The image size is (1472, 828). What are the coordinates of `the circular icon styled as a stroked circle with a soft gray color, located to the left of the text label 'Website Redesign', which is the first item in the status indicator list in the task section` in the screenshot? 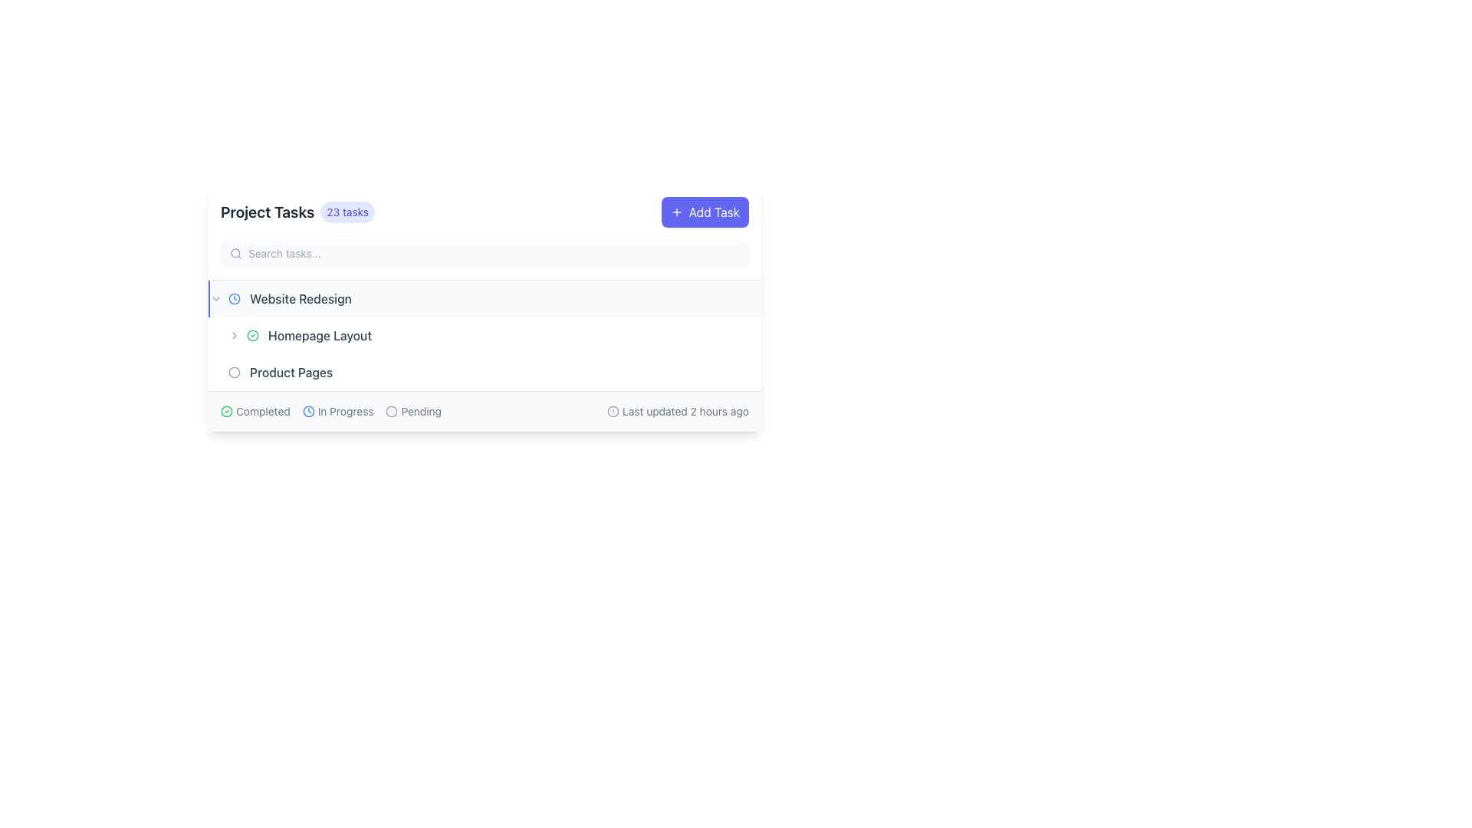 It's located at (392, 410).